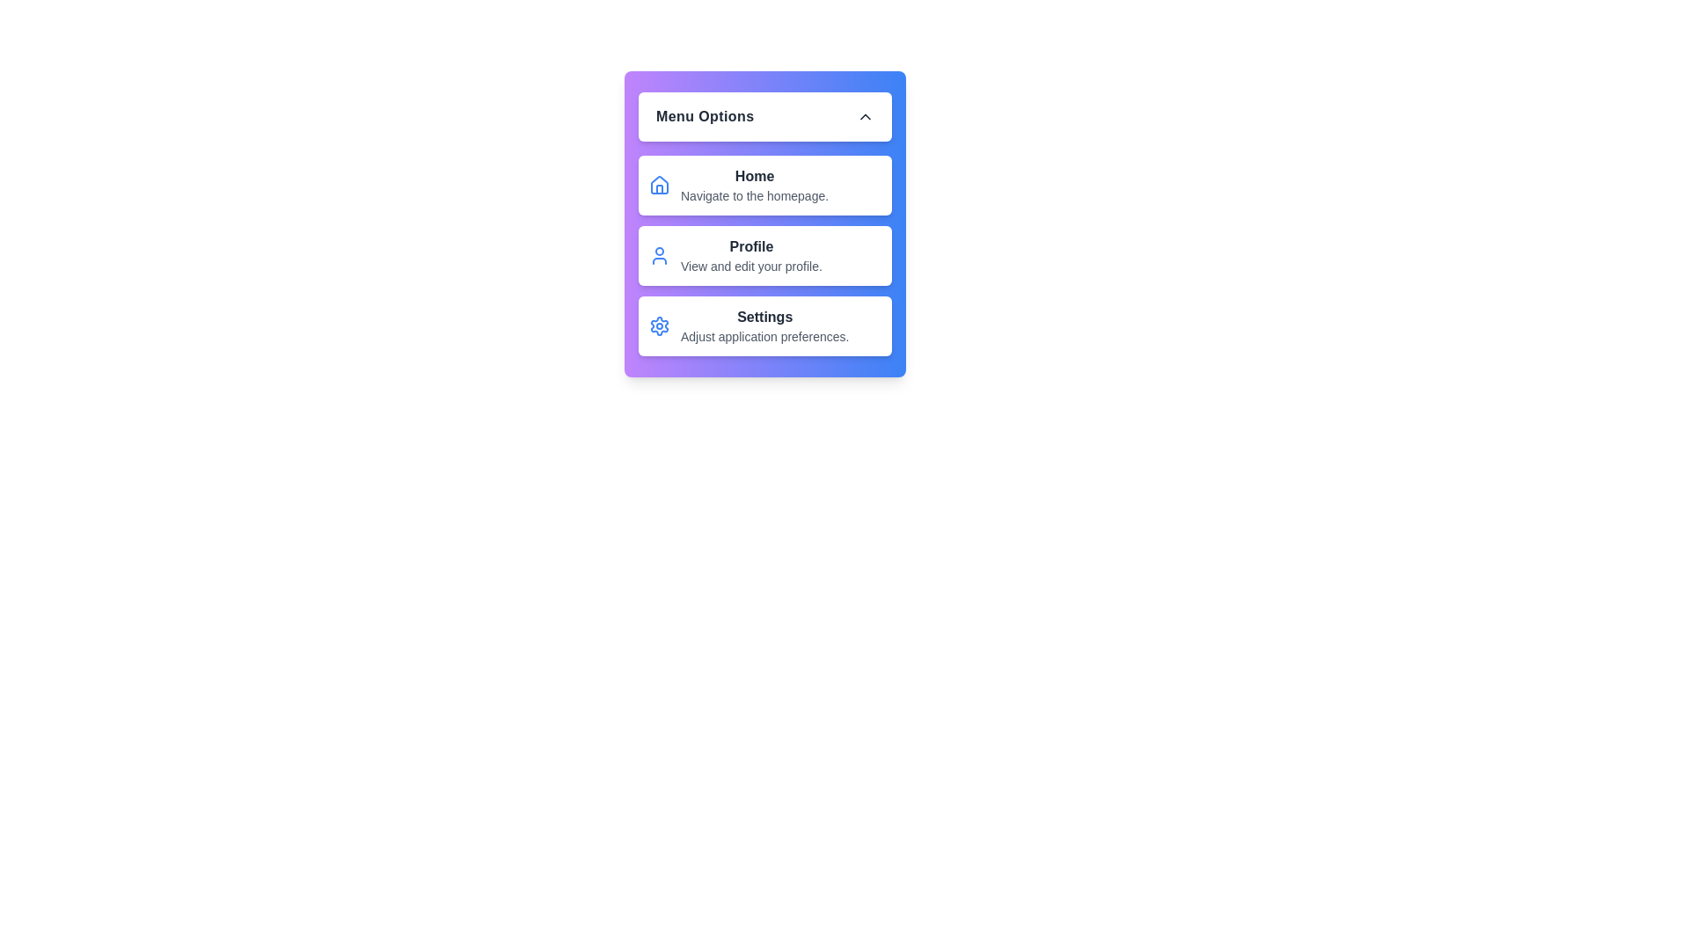 The height and width of the screenshot is (950, 1689). Describe the element at coordinates (764, 325) in the screenshot. I see `the menu item corresponding to Settings` at that location.